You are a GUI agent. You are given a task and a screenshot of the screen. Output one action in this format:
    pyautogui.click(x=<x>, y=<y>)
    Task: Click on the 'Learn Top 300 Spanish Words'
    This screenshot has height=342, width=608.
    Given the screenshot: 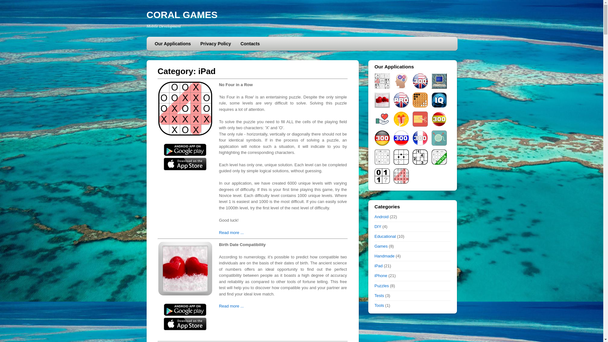 What is the action you would take?
    pyautogui.click(x=431, y=119)
    